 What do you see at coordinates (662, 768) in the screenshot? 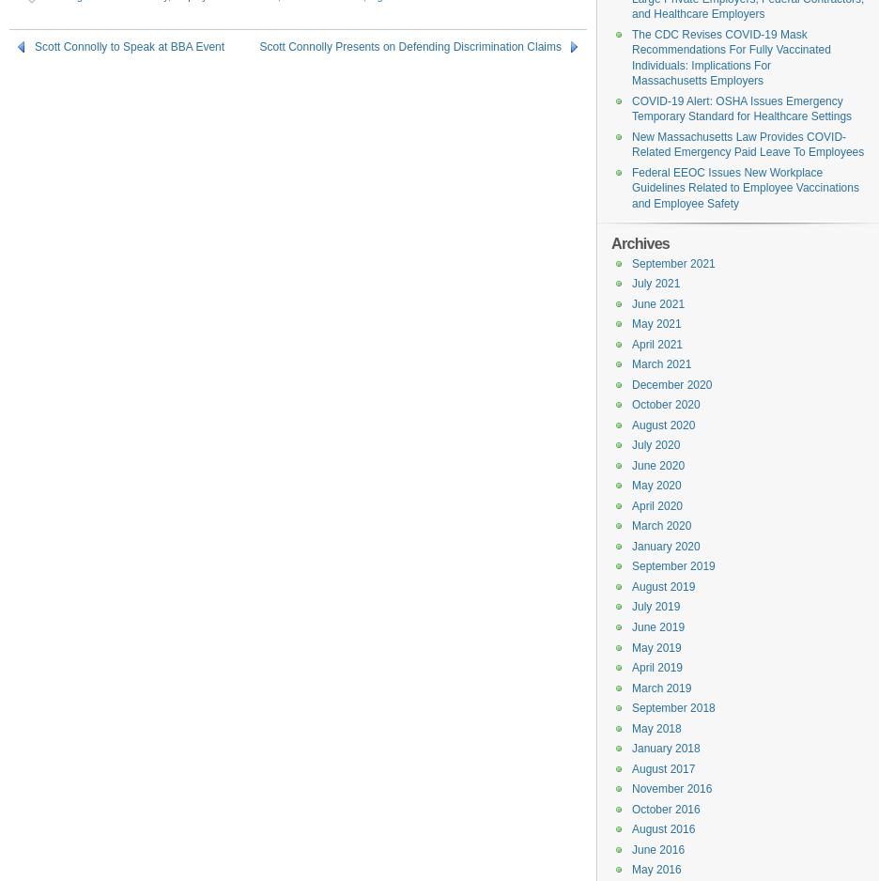
I see `'August 2017'` at bounding box center [662, 768].